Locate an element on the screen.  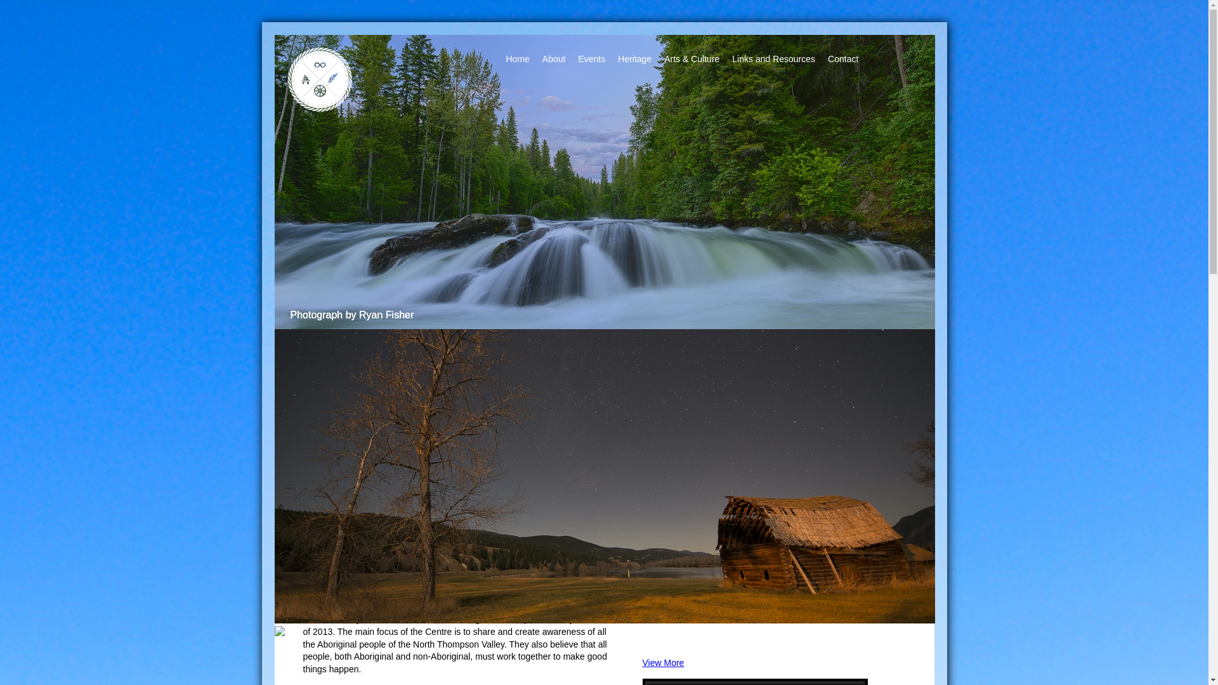
'Contact' is located at coordinates (843, 59).